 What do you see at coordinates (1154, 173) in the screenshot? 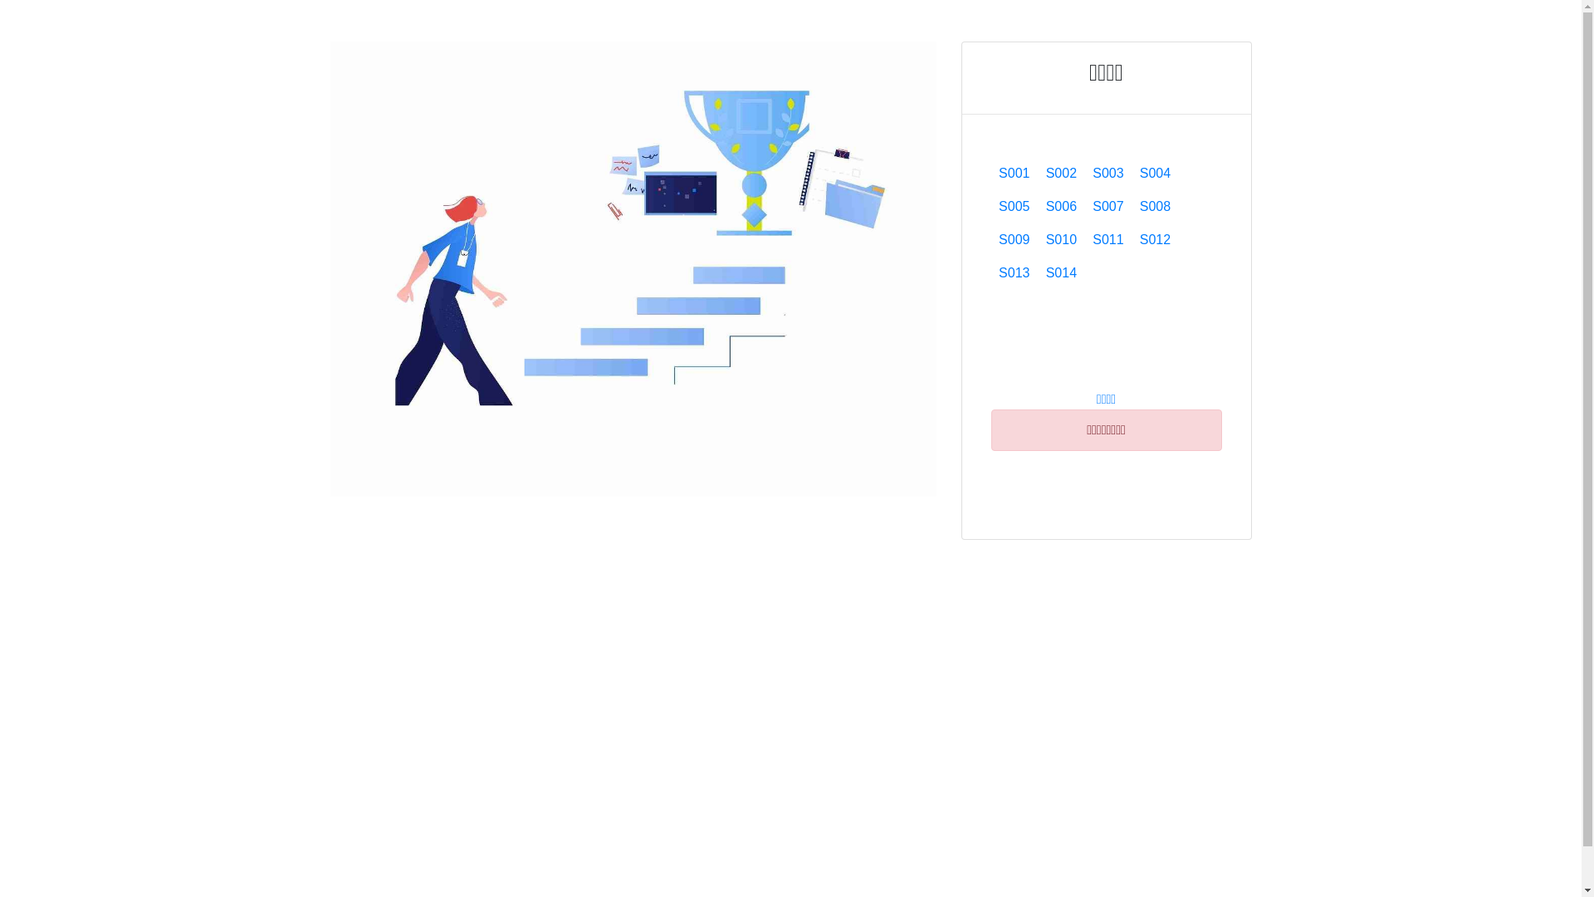
I see `'S004'` at bounding box center [1154, 173].